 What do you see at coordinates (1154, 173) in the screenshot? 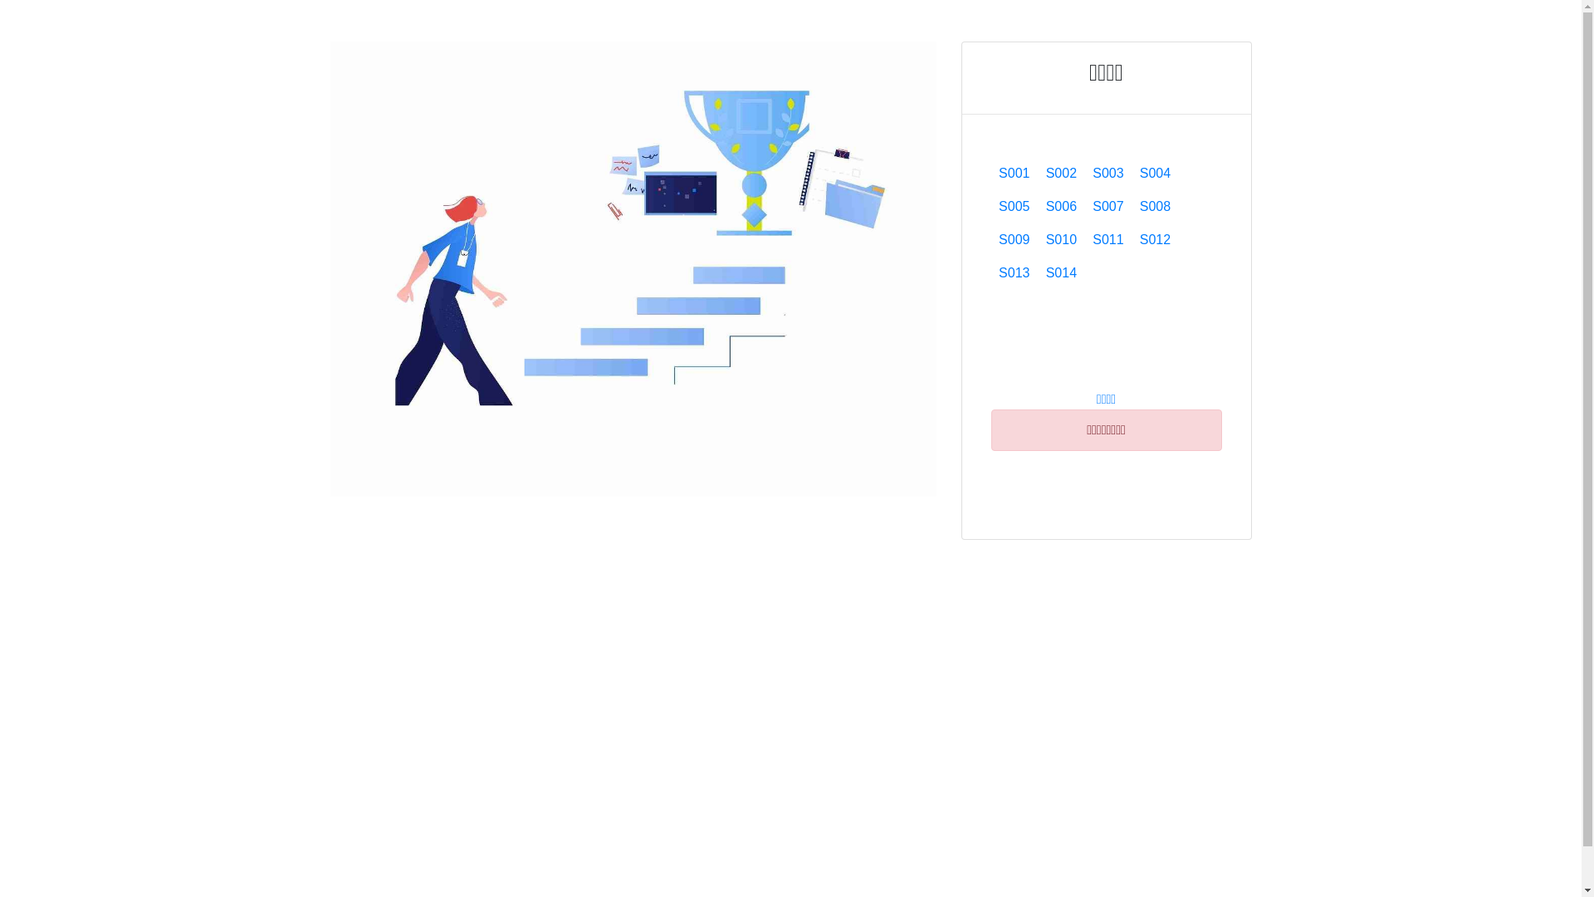
I see `'S004'` at bounding box center [1154, 173].